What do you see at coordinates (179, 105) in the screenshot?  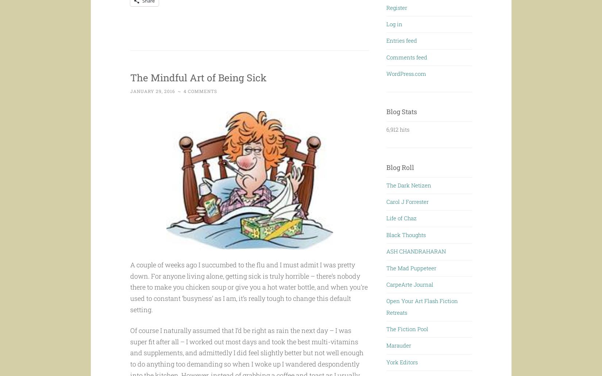 I see `'~'` at bounding box center [179, 105].